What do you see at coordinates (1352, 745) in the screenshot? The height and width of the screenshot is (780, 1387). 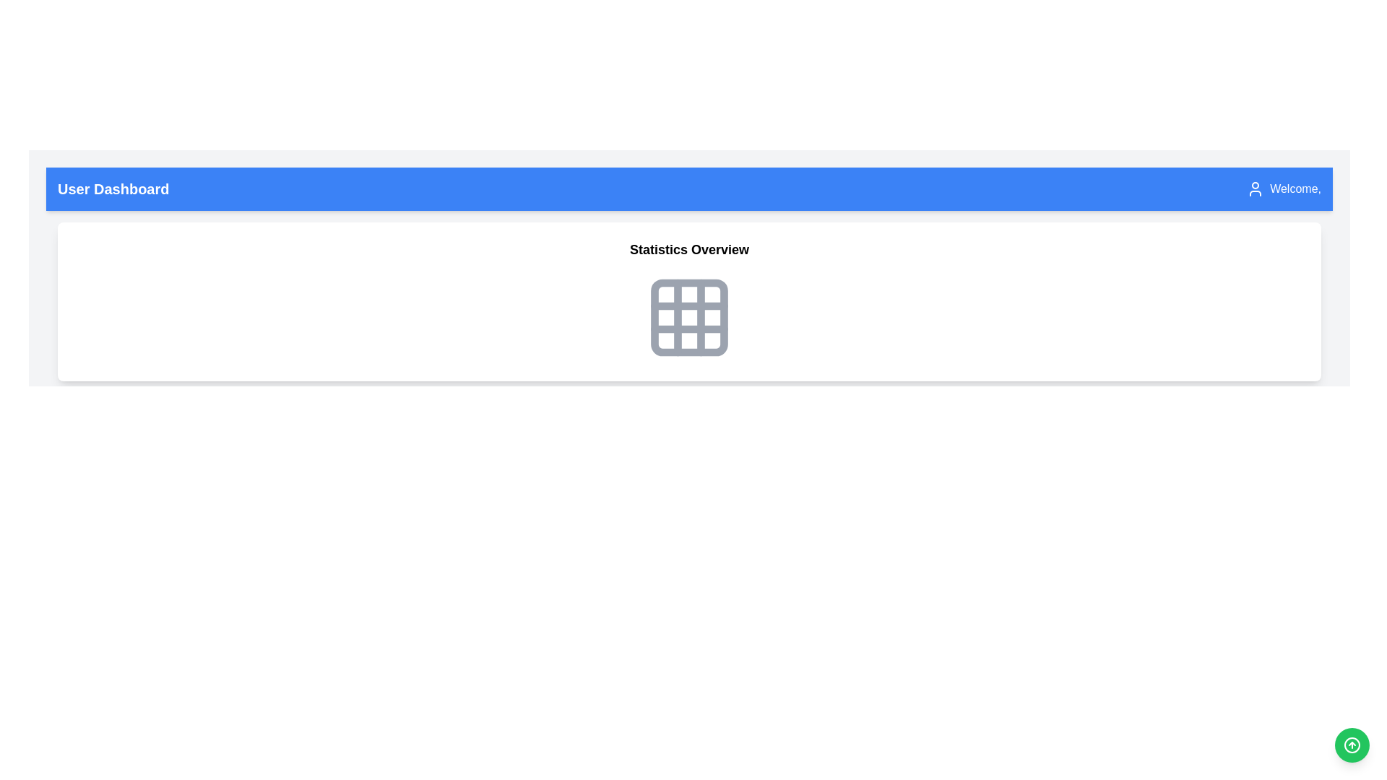 I see `the circular green button labeled 'Scroll to top', which contains an upward pointing SVG arrow icon` at bounding box center [1352, 745].